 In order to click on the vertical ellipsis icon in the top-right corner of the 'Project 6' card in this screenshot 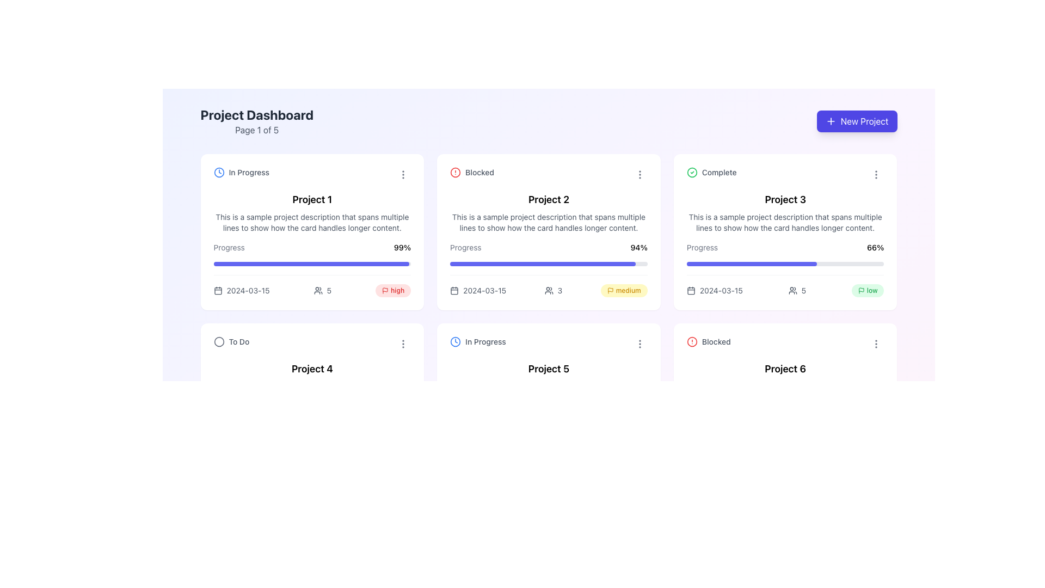, I will do `click(876, 344)`.